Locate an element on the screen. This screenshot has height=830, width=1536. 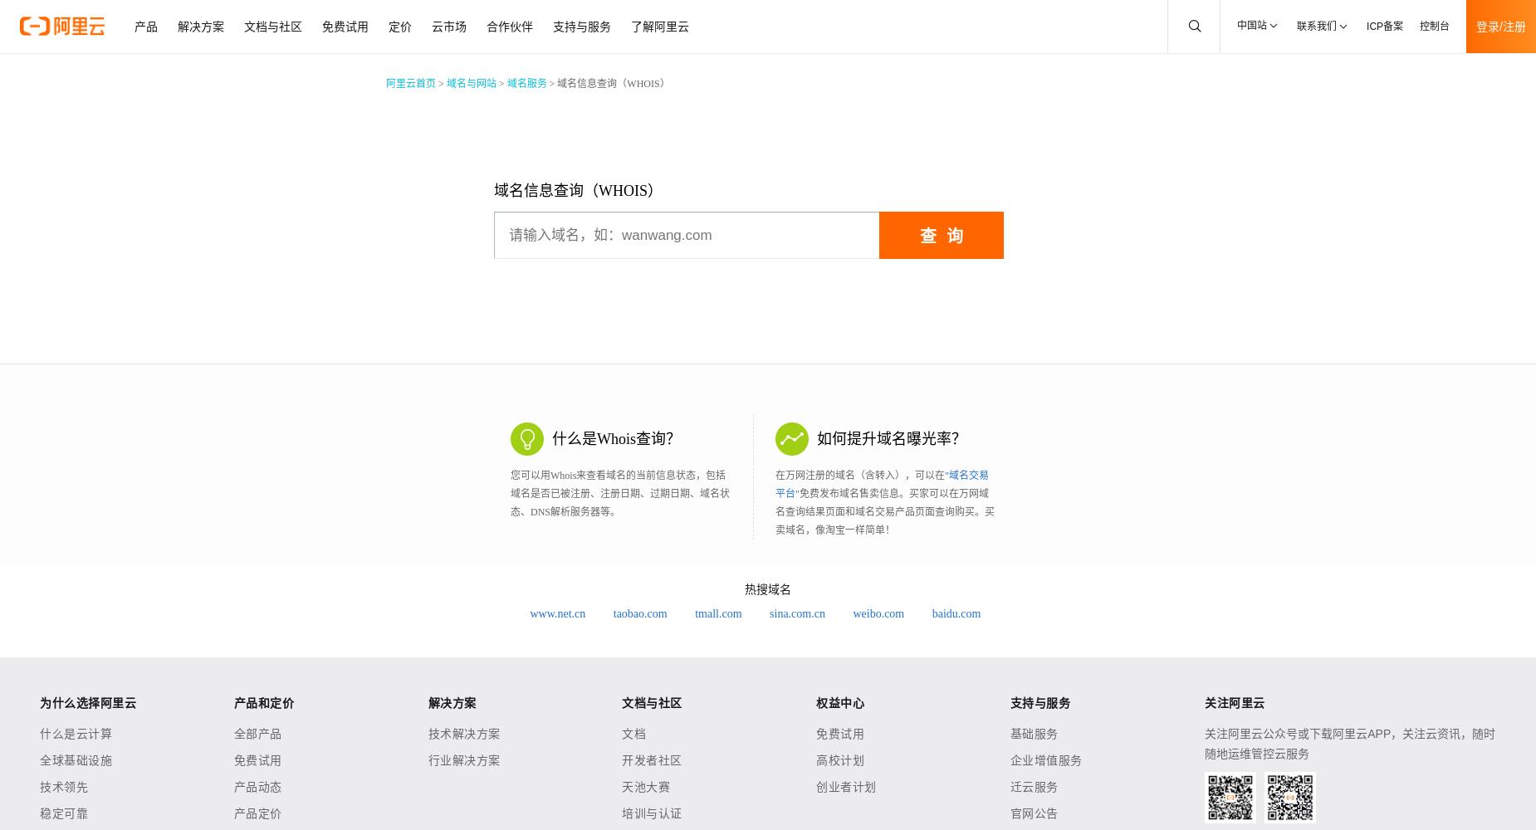
'ICP备案' is located at coordinates (1366, 27).